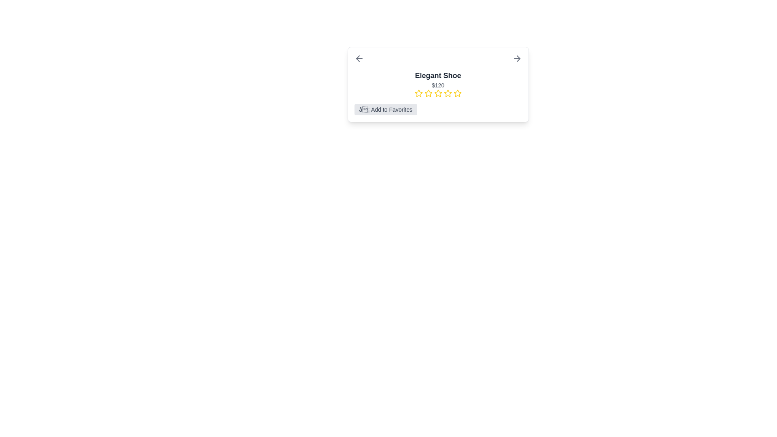 The image size is (777, 437). Describe the element at coordinates (357, 58) in the screenshot. I see `the left-oriented arrow icon located in the upper left corner of the card interface near the title 'Elegant Shoe'` at that location.